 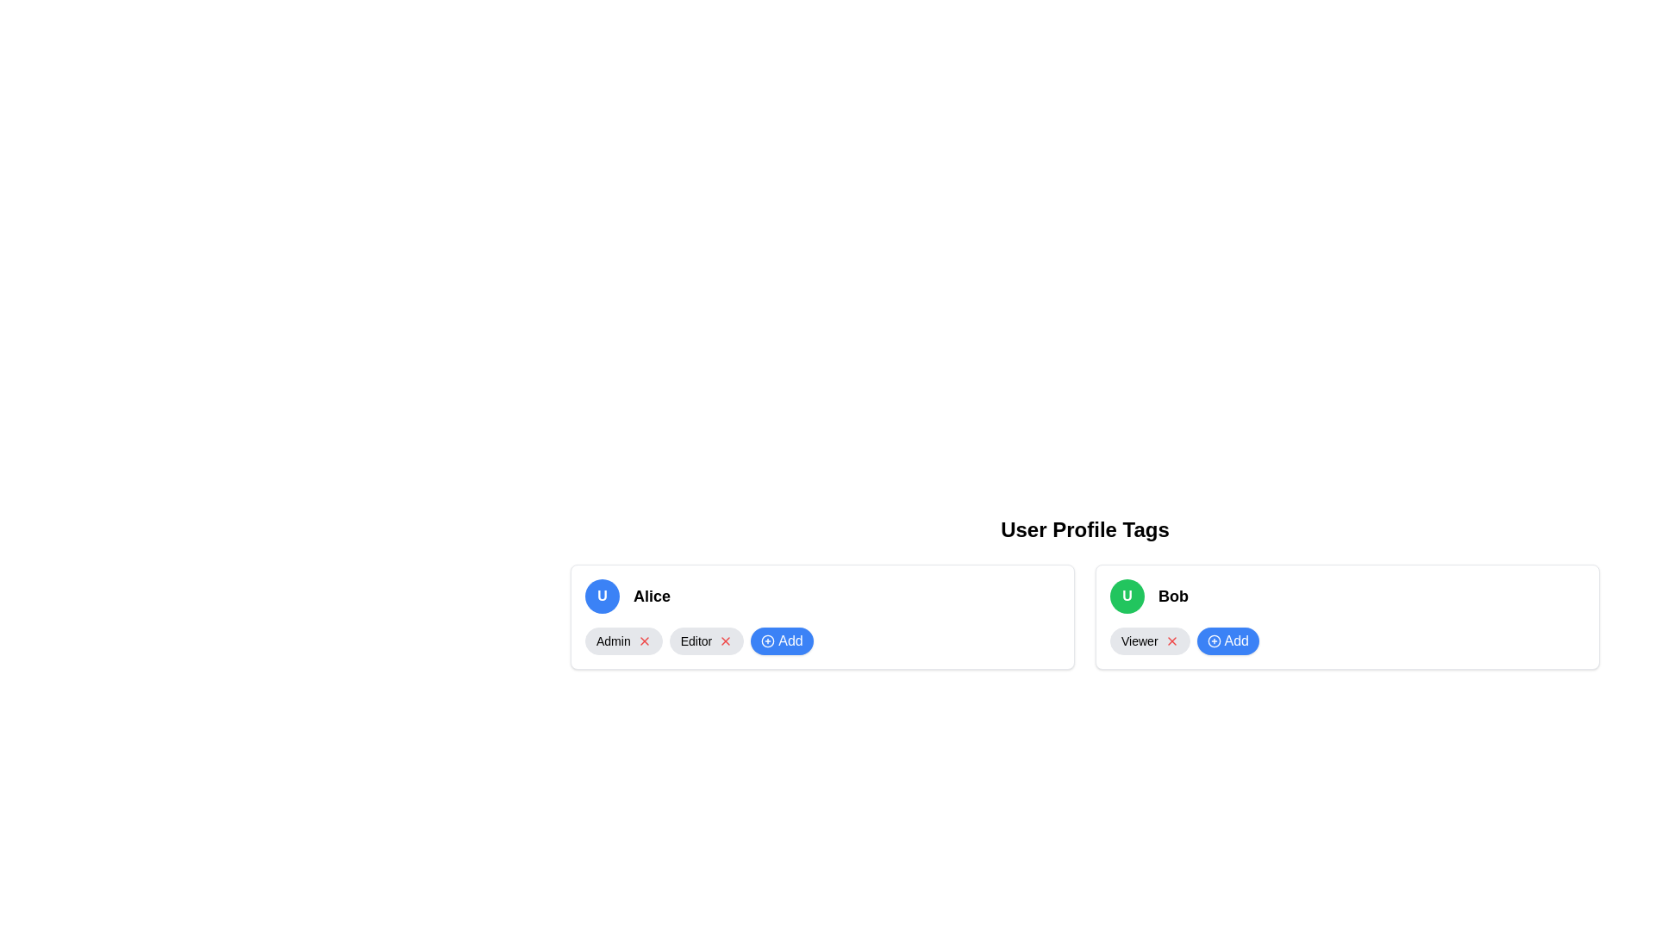 What do you see at coordinates (767, 641) in the screenshot?
I see `the 'Add' button icon located within the user profile tag interface` at bounding box center [767, 641].